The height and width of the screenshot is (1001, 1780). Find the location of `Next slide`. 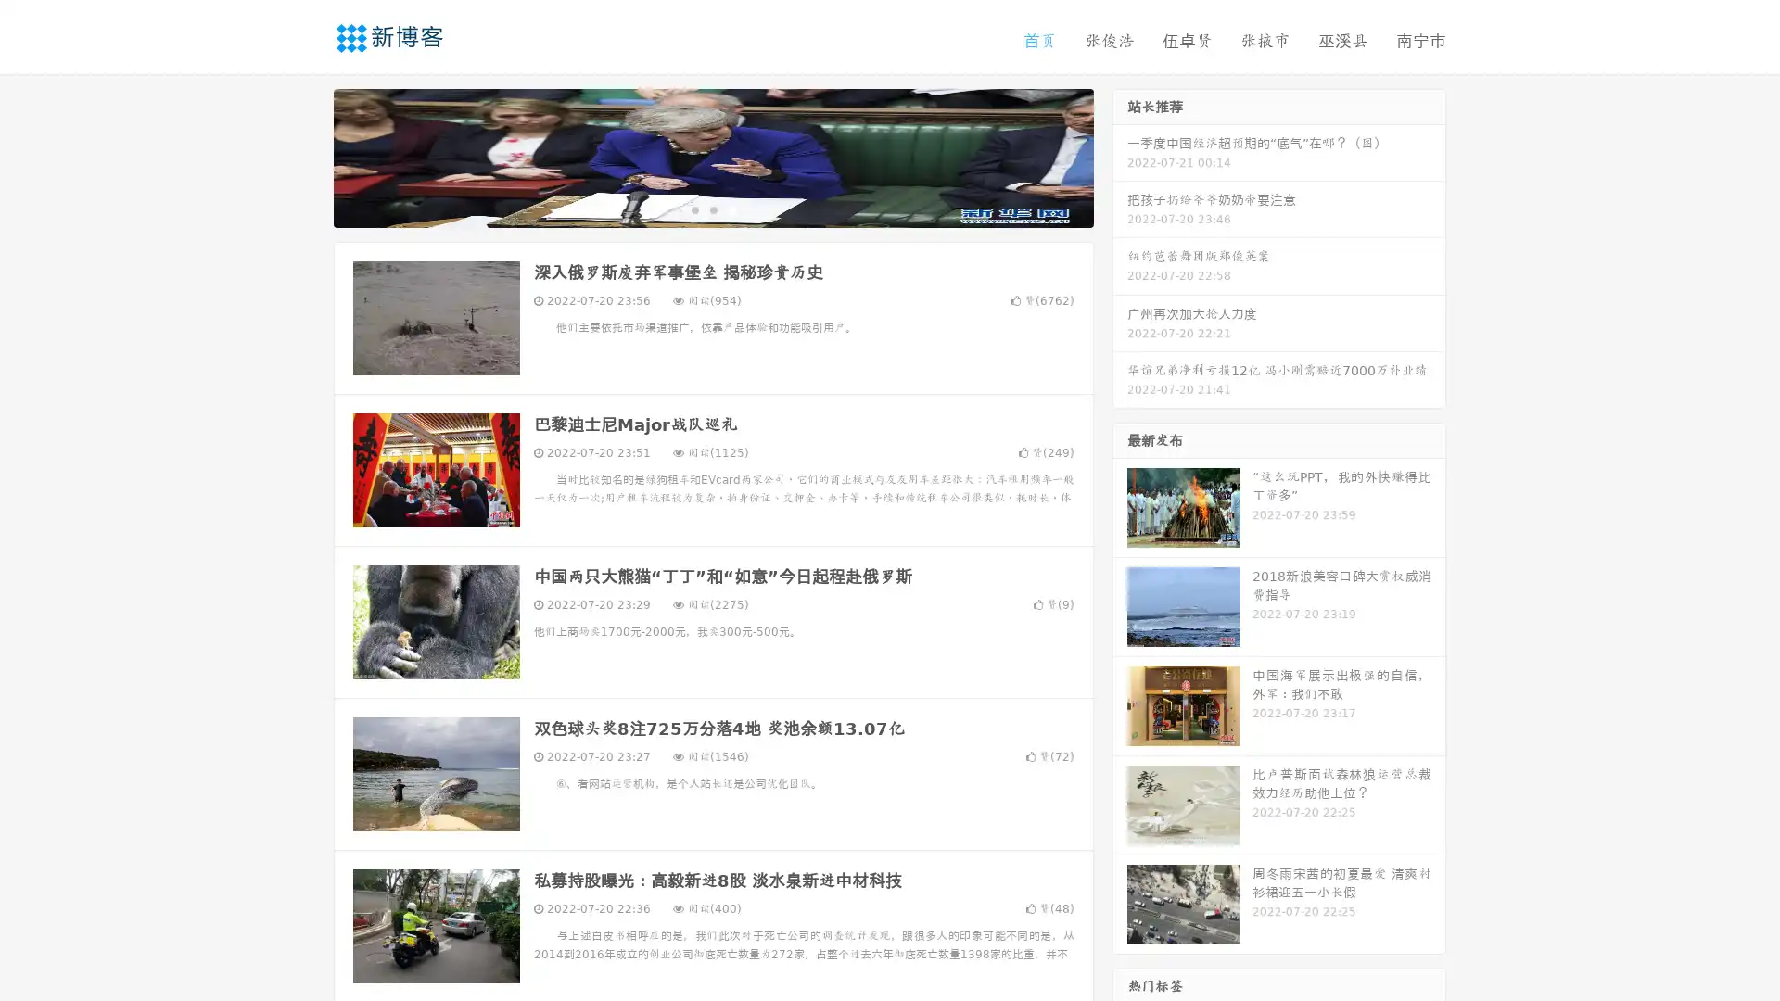

Next slide is located at coordinates (1120, 156).